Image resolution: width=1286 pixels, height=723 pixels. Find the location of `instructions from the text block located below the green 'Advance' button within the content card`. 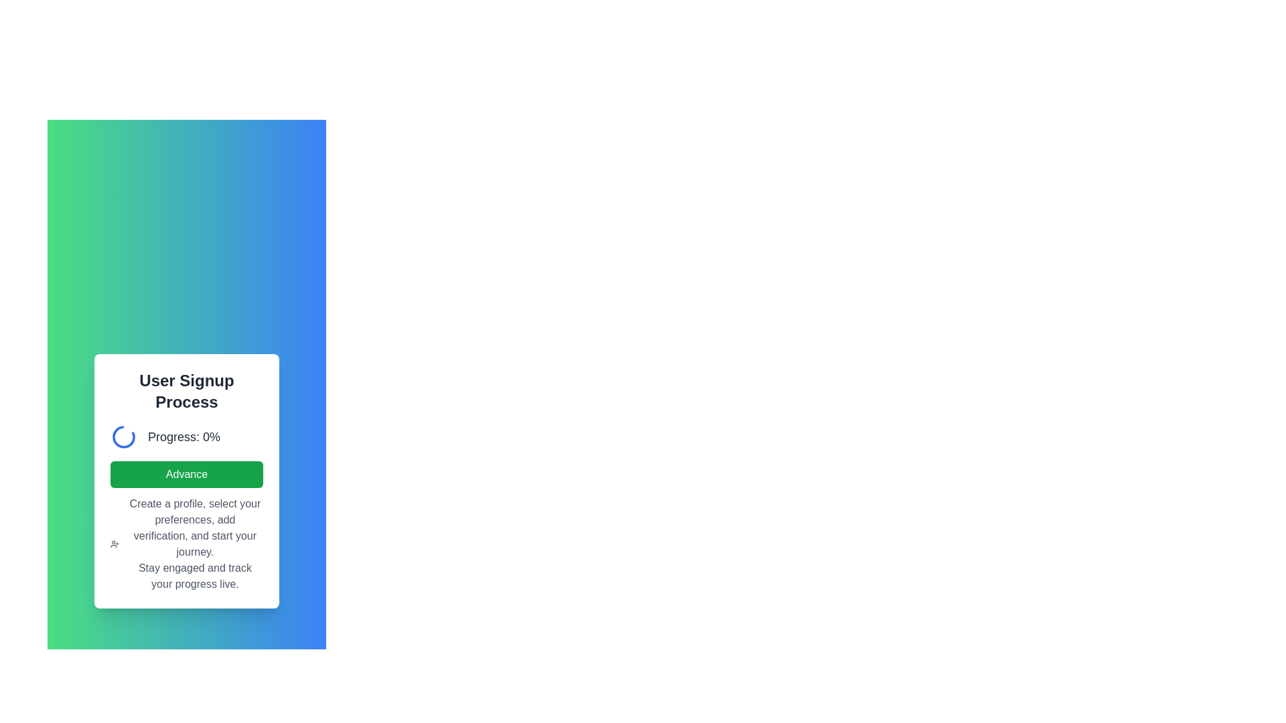

instructions from the text block located below the green 'Advance' button within the content card is located at coordinates (186, 544).